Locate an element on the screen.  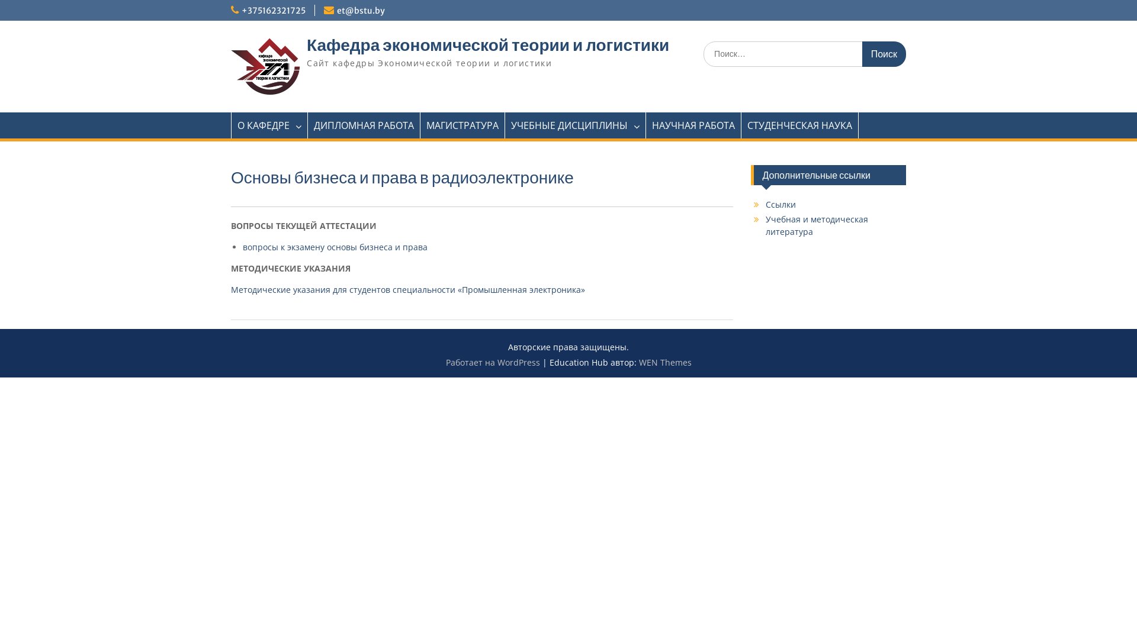
'+375162321725' is located at coordinates (272, 11).